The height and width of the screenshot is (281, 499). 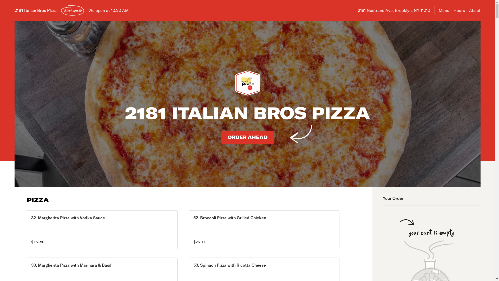 What do you see at coordinates (221, 137) in the screenshot?
I see `'ORDER AHEAD'` at bounding box center [221, 137].